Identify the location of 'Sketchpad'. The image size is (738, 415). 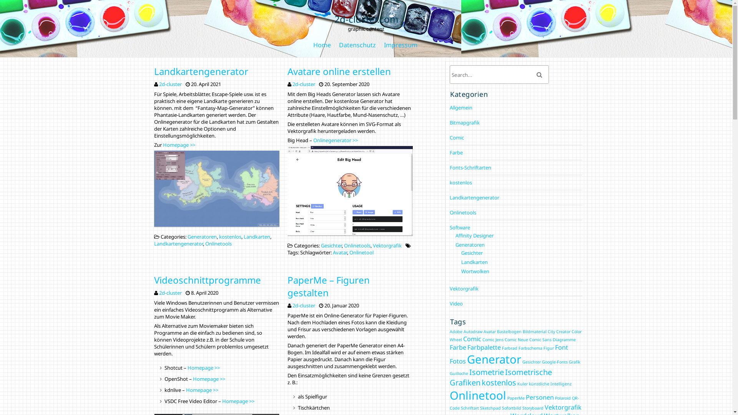
(490, 407).